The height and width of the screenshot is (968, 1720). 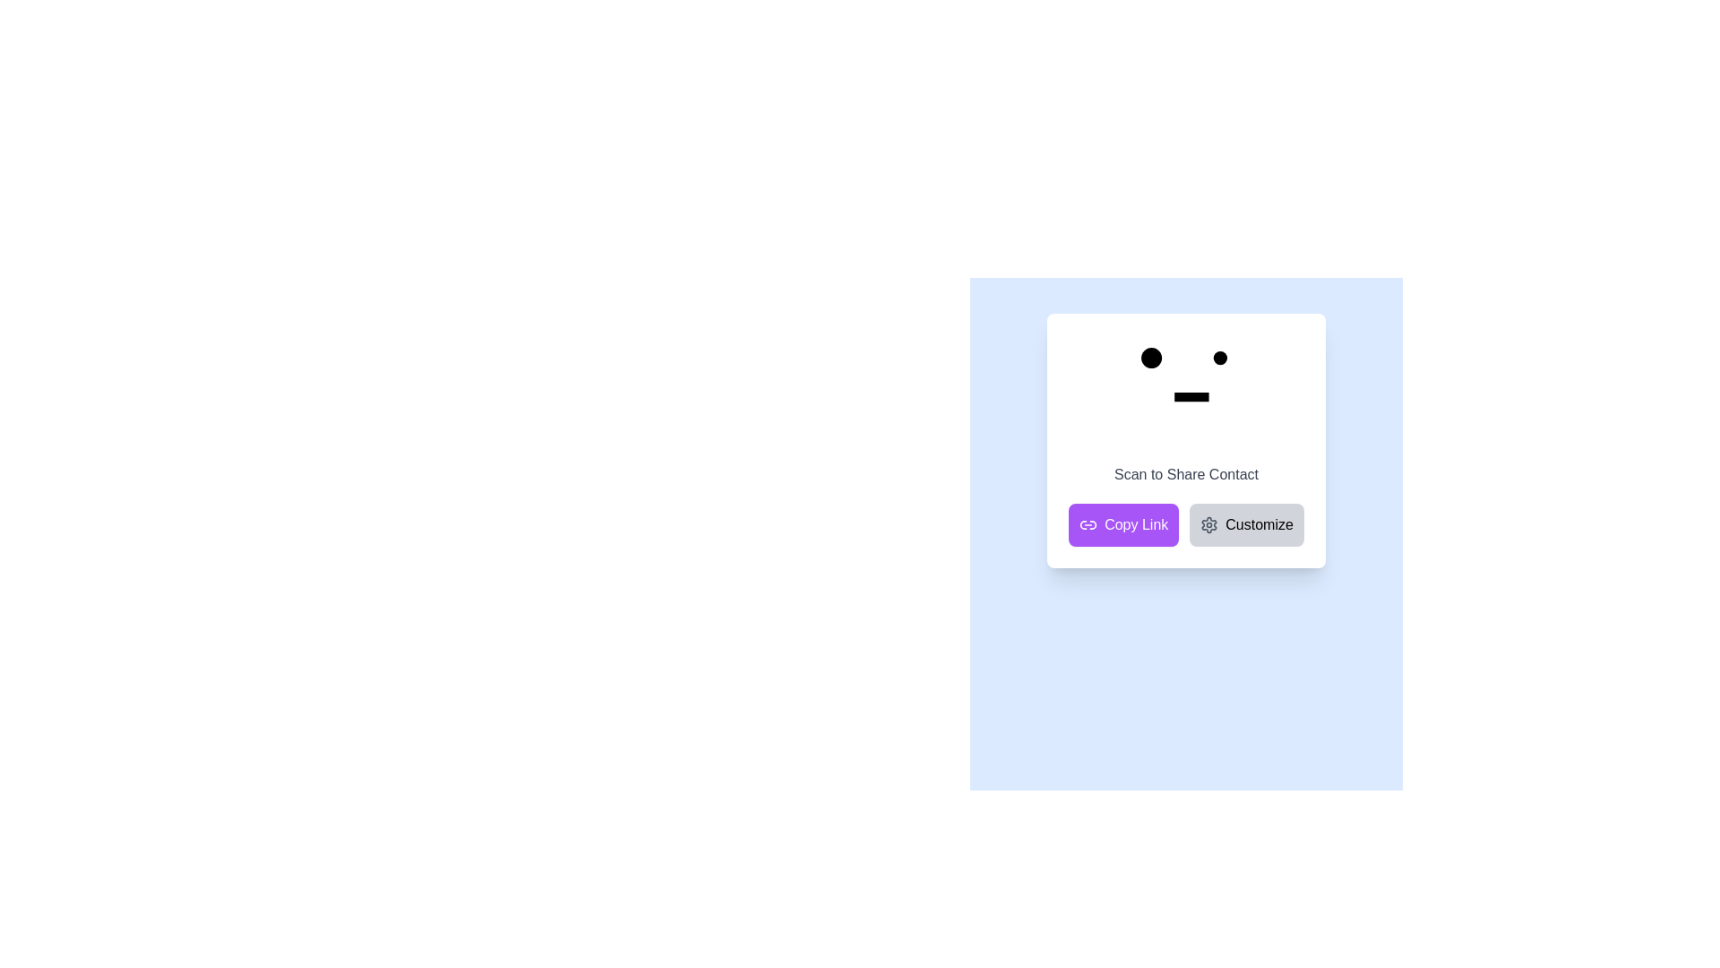 What do you see at coordinates (1246, 524) in the screenshot?
I see `the 'Customize' button, which is a rectangular button with a light gray background and a gear icon, located in the lower-right section of a card layout` at bounding box center [1246, 524].